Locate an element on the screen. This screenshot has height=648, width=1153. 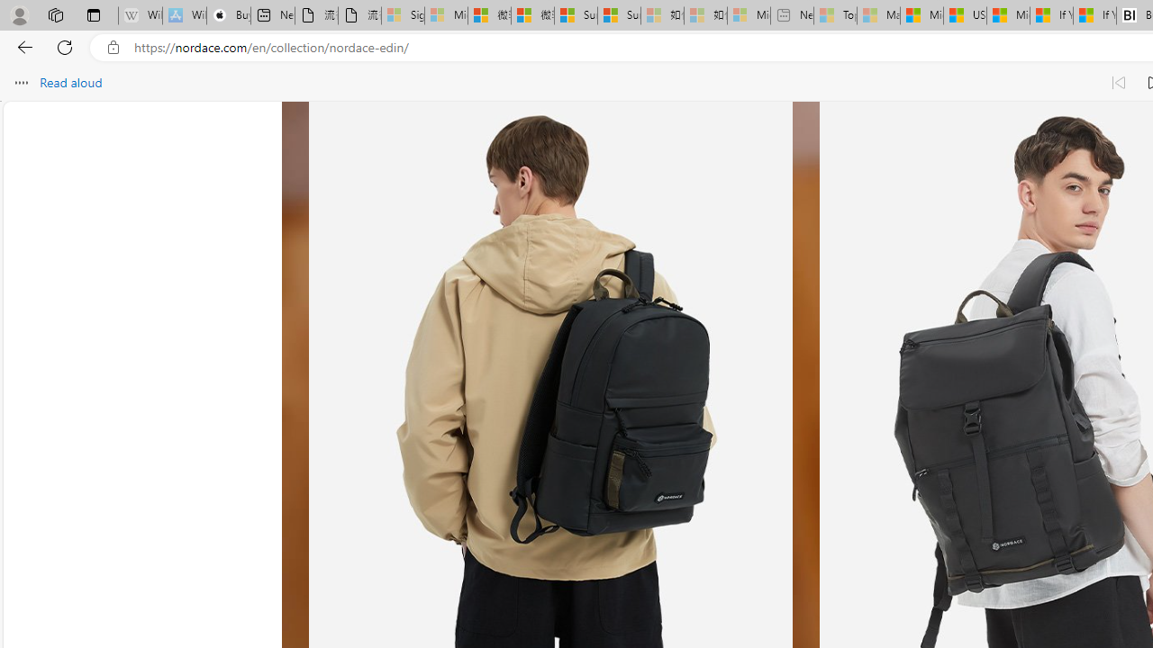
'Top Stories - MSN - Sleeping' is located at coordinates (834, 15).